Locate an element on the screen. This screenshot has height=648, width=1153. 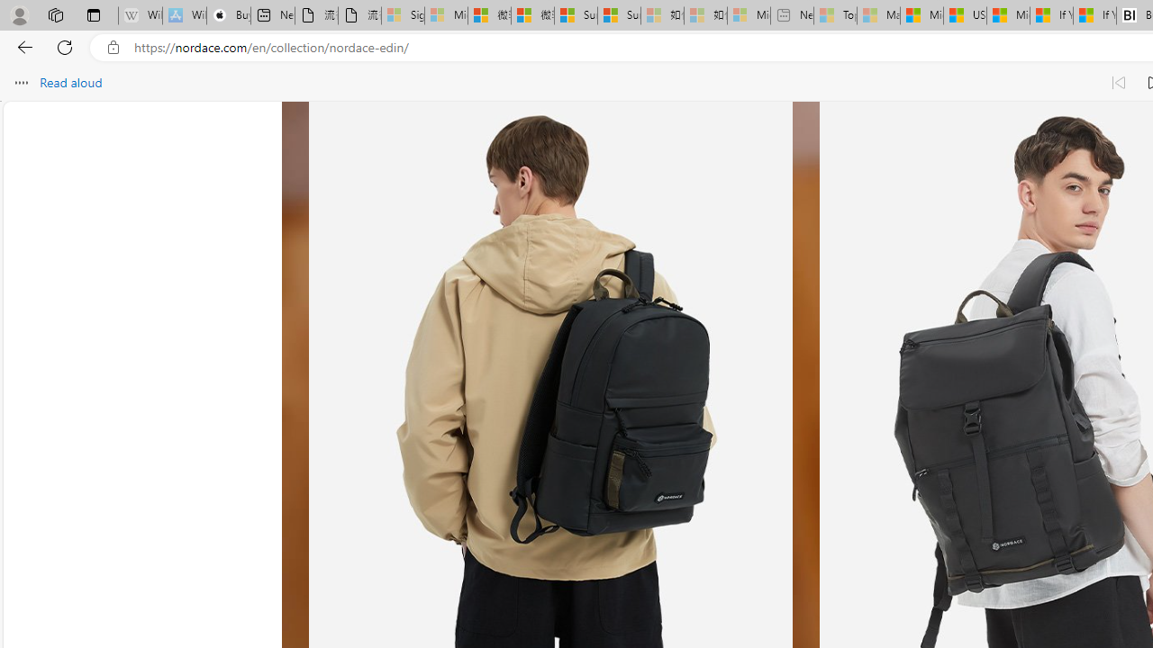
'Top Stories - MSN - Sleeping' is located at coordinates (834, 15).